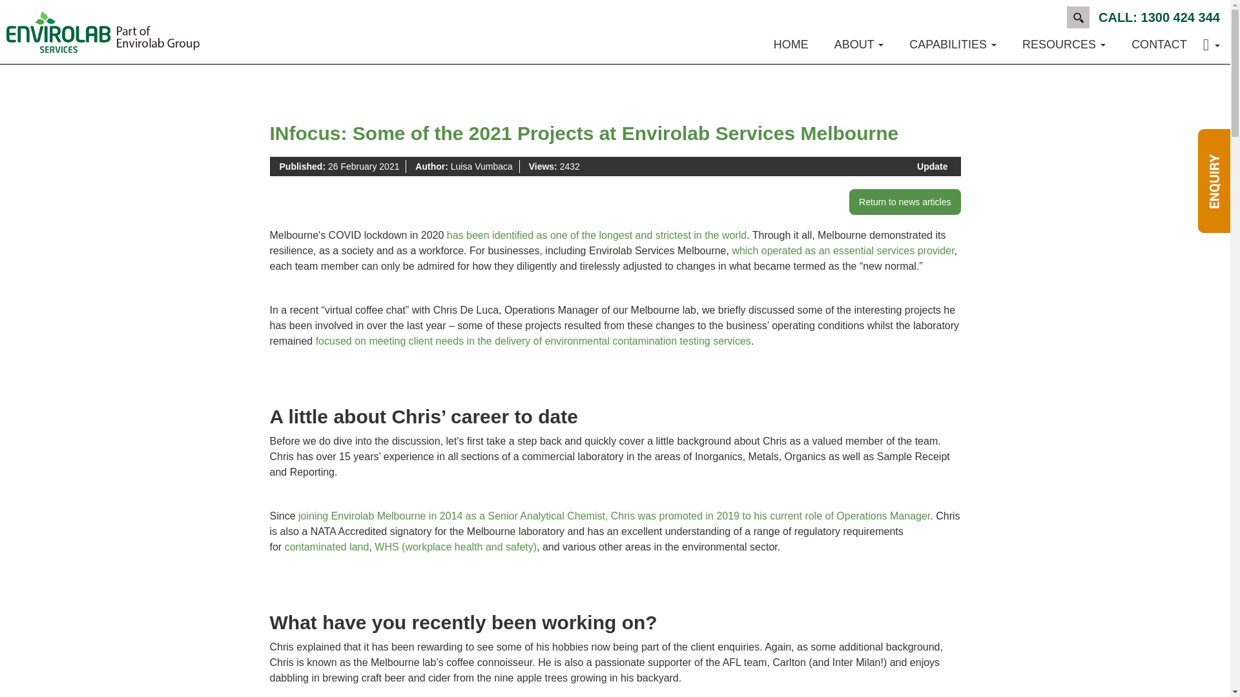 The width and height of the screenshot is (1240, 697). I want to click on 'CONTACT', so click(1118, 44).